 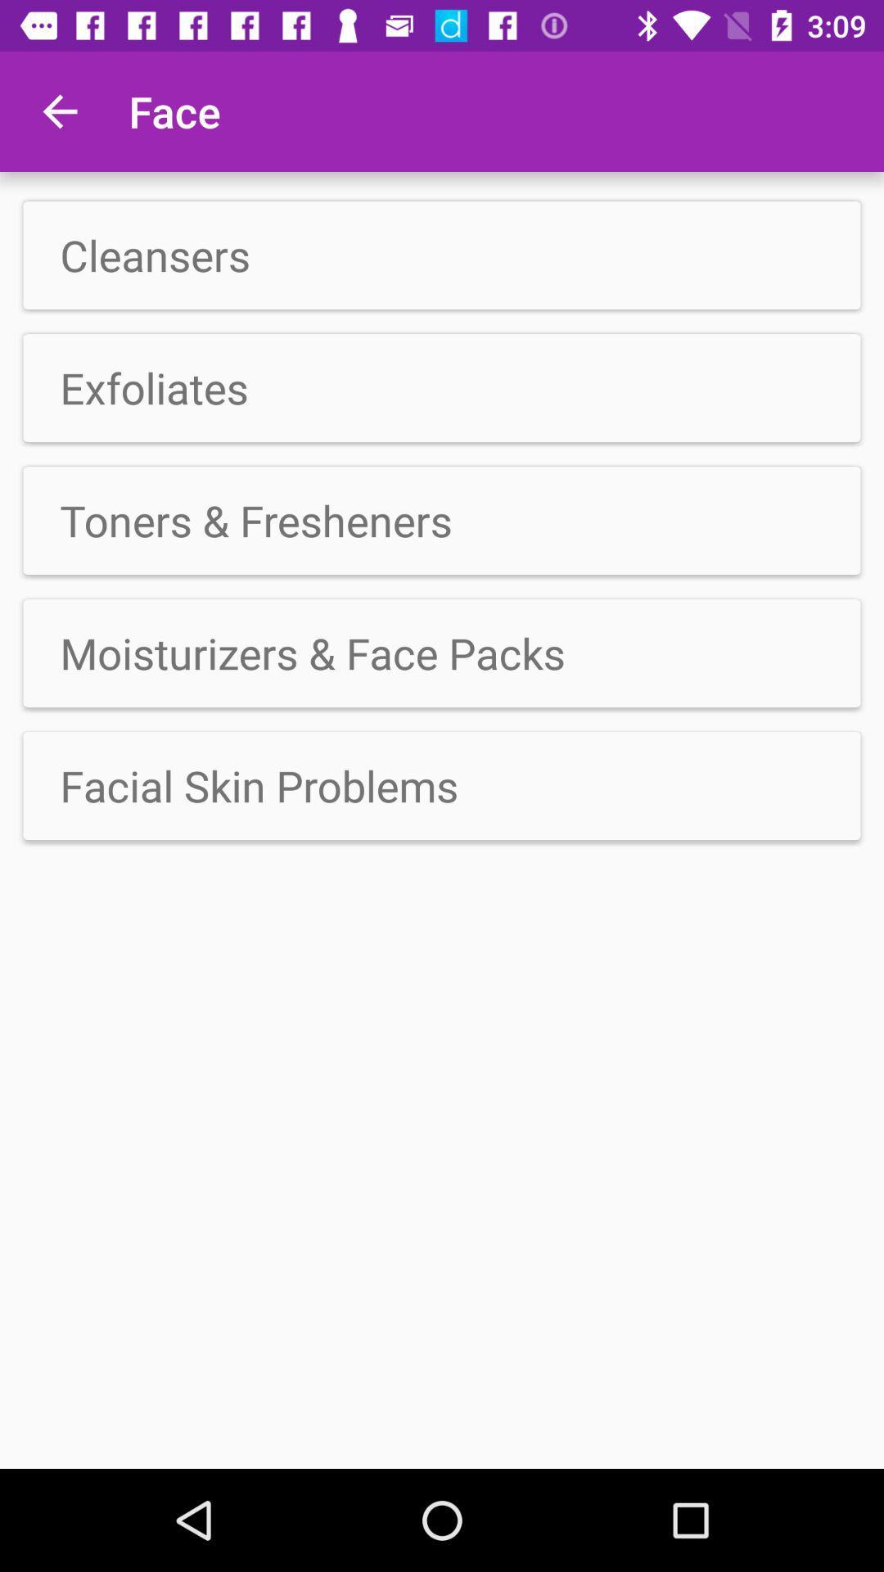 I want to click on the app above the cleansers app, so click(x=59, y=111).